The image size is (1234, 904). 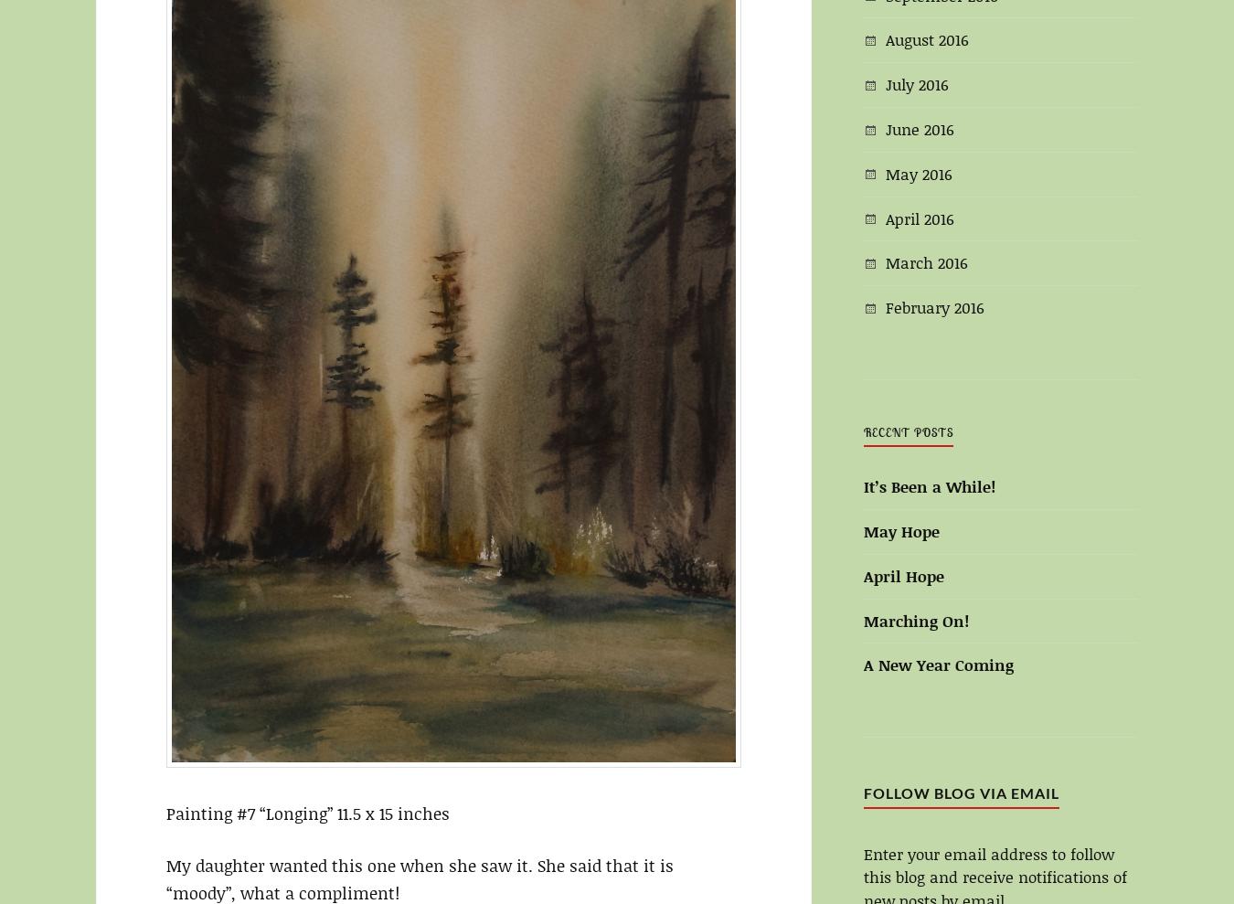 What do you see at coordinates (962, 792) in the screenshot?
I see `'Follow Blog via Email'` at bounding box center [962, 792].